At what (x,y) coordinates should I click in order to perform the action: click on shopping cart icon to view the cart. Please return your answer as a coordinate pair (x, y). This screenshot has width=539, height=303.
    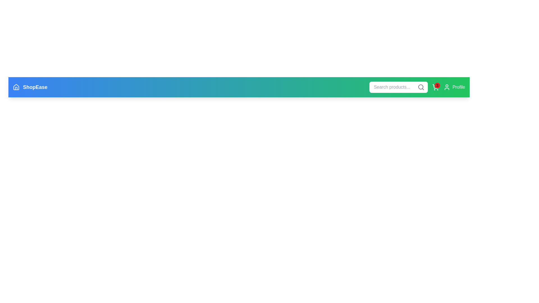
    Looking at the image, I should click on (435, 87).